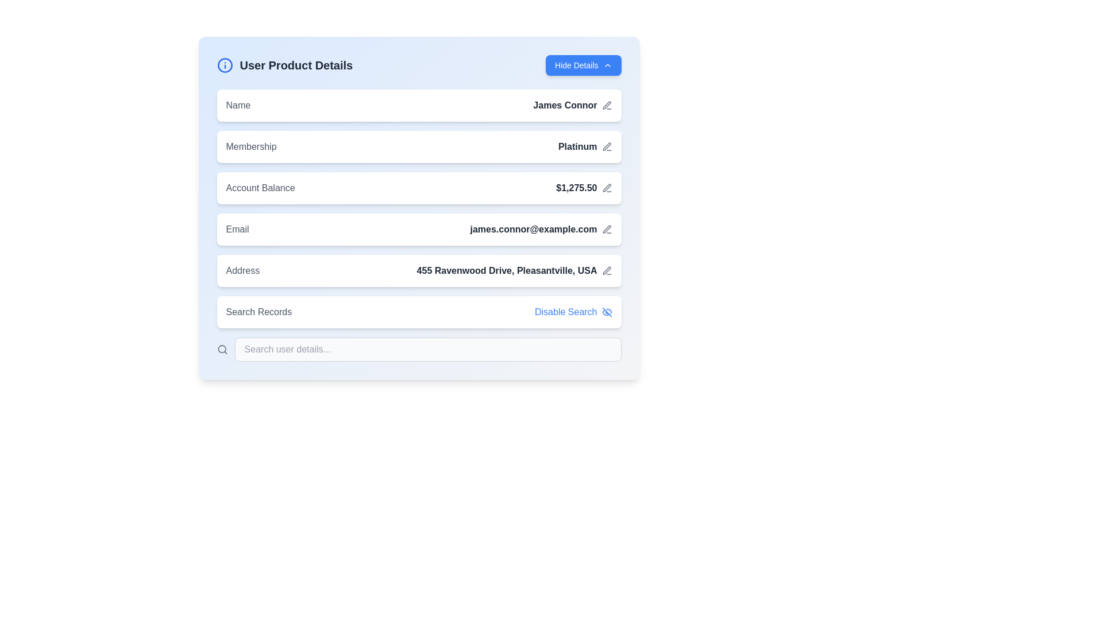 Image resolution: width=1103 pixels, height=620 pixels. What do you see at coordinates (606, 270) in the screenshot?
I see `the pen icon button located at the right end of the 'Address' row, which signifies edit or modify actions` at bounding box center [606, 270].